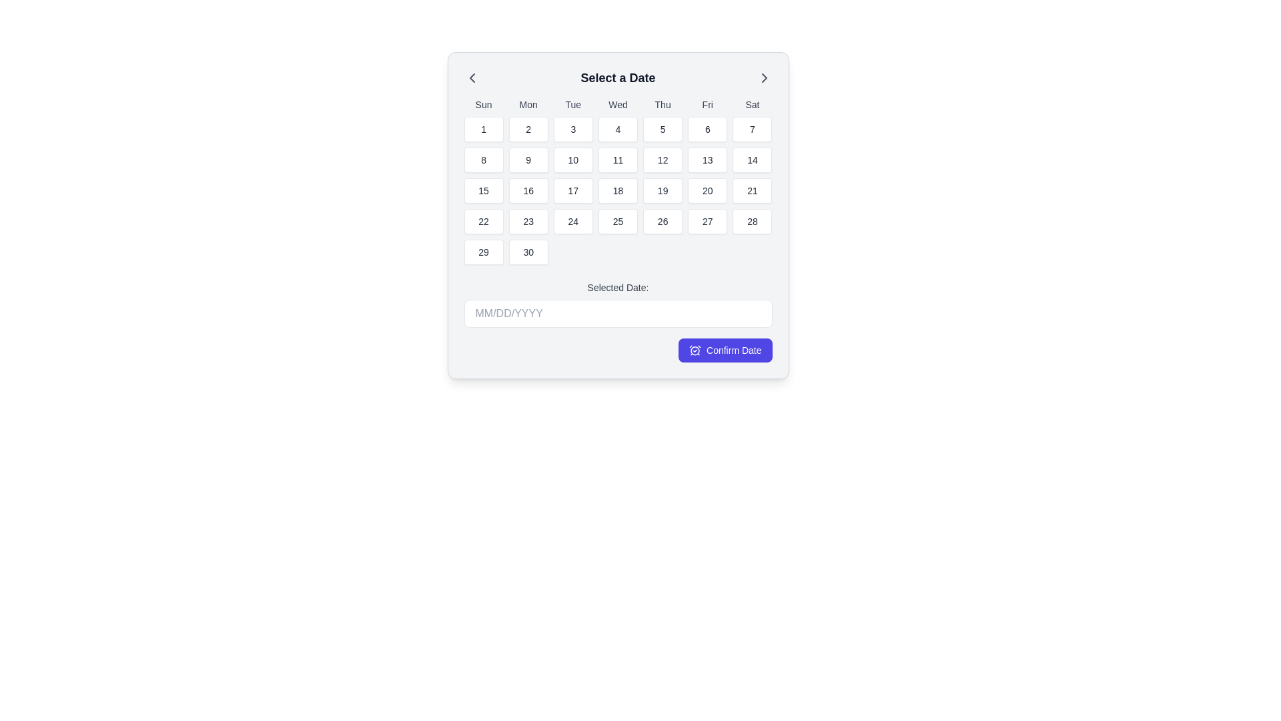 The height and width of the screenshot is (721, 1281). I want to click on the circular graphical icon resembling a clock's face, which is integrated within the purple confirmation button located at the bottom right of the calendar selection dialog box, so click(694, 350).